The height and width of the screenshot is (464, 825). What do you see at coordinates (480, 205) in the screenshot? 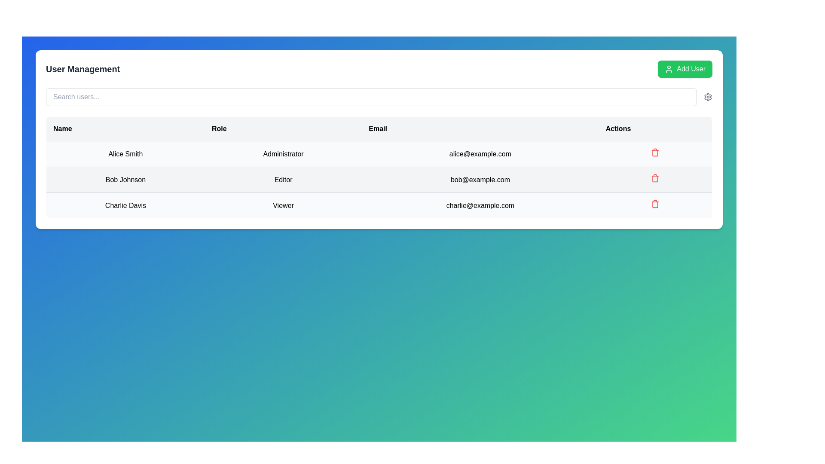
I see `the static text element displaying the email address in the third row of the user management table, located in the 'Email' column` at bounding box center [480, 205].